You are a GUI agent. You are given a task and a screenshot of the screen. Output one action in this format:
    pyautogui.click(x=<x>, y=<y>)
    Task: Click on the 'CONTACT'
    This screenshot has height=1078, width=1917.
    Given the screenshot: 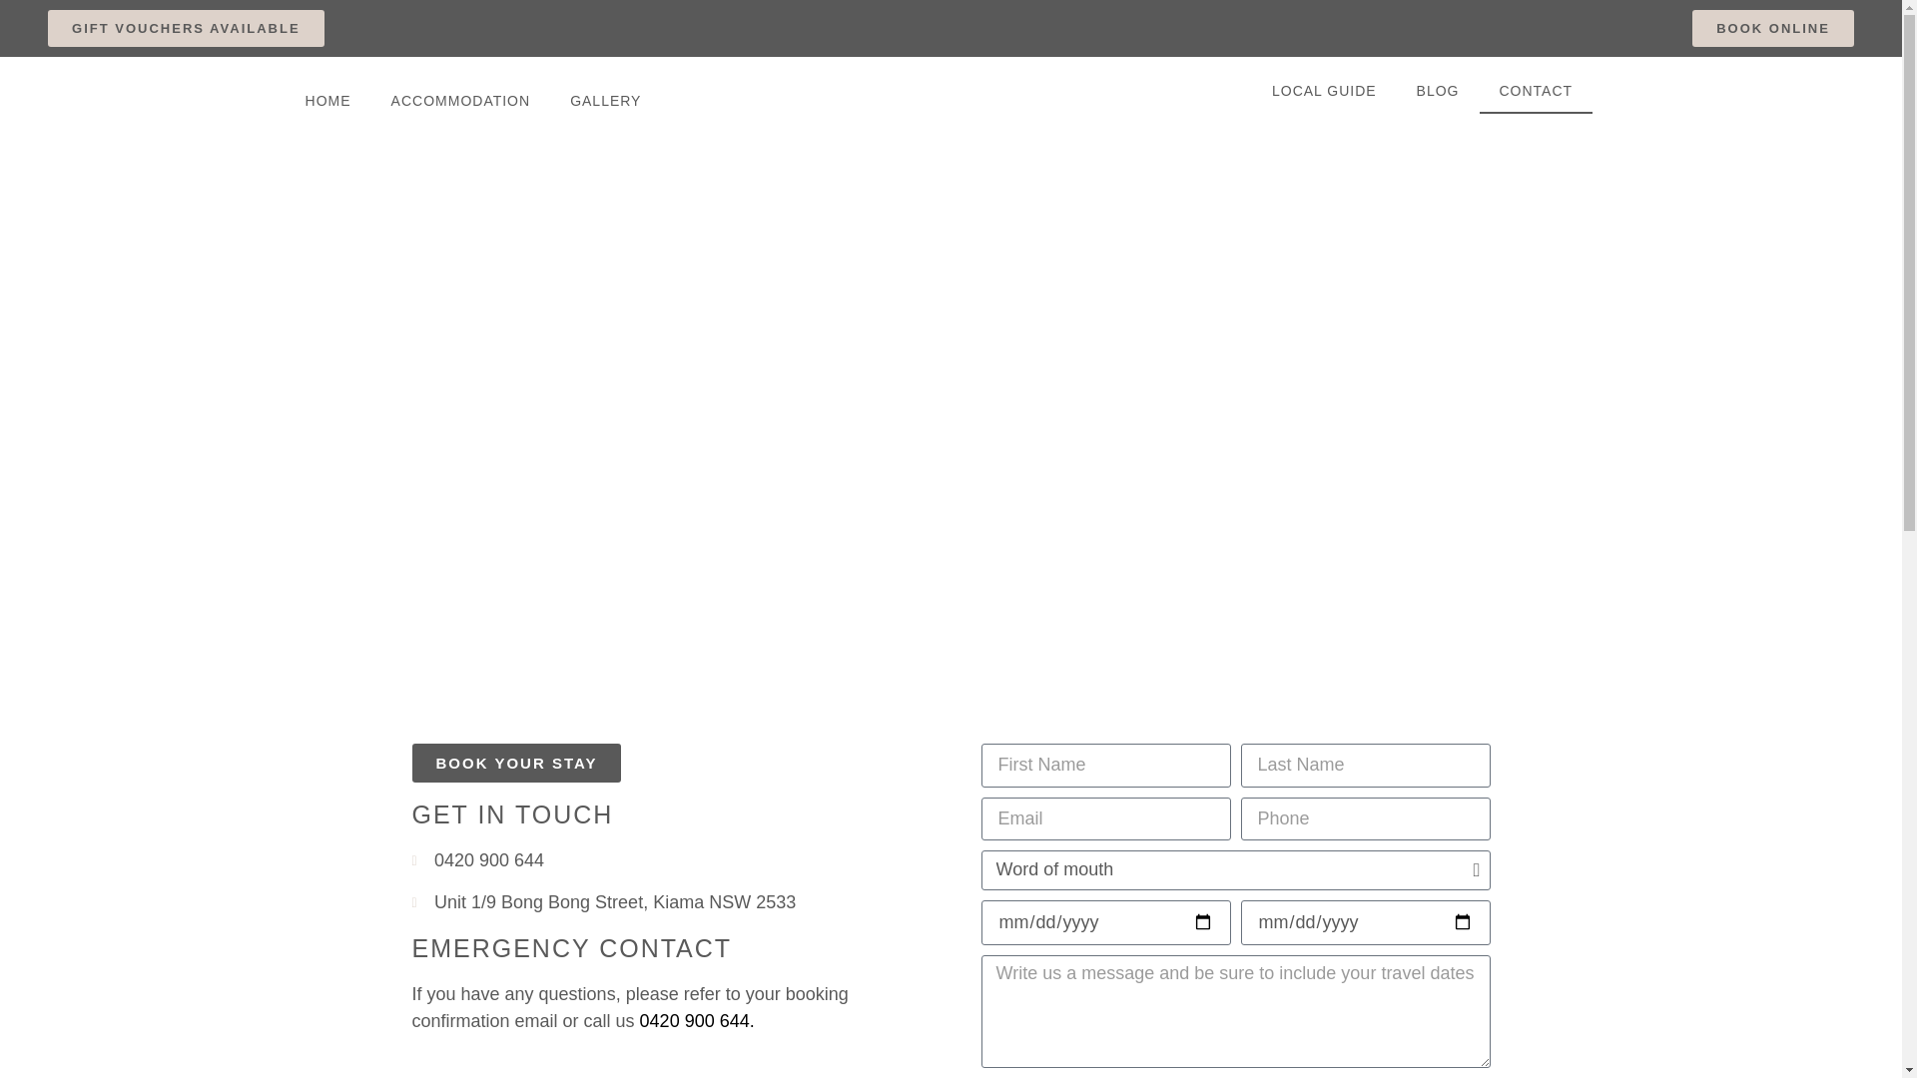 What is the action you would take?
    pyautogui.click(x=1536, y=91)
    